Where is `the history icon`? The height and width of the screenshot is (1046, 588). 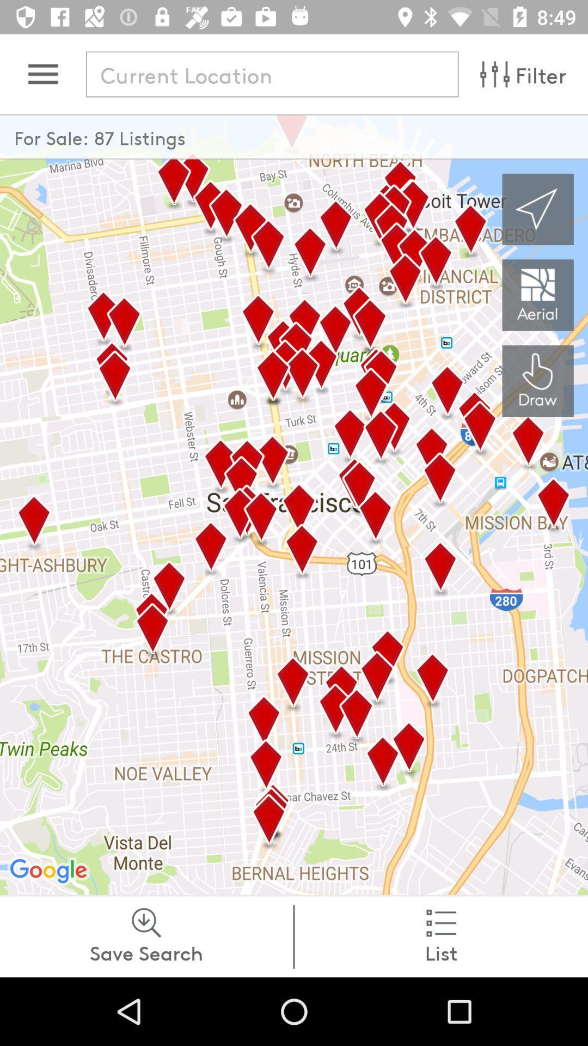 the history icon is located at coordinates (537, 381).